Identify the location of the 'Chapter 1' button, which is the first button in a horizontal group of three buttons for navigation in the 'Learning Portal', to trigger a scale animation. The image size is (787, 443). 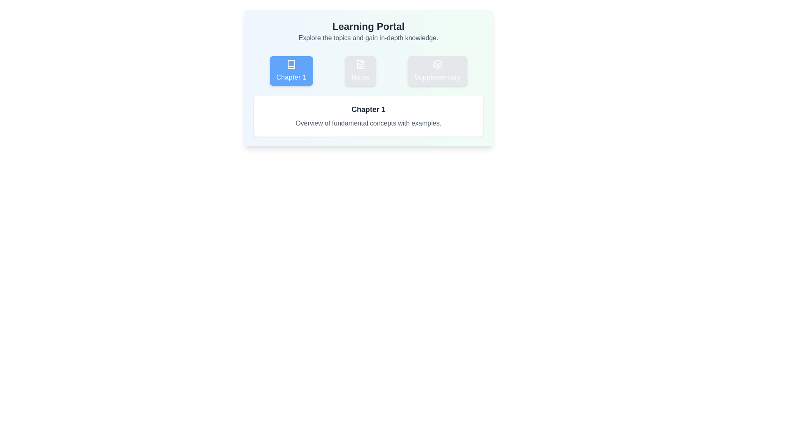
(291, 71).